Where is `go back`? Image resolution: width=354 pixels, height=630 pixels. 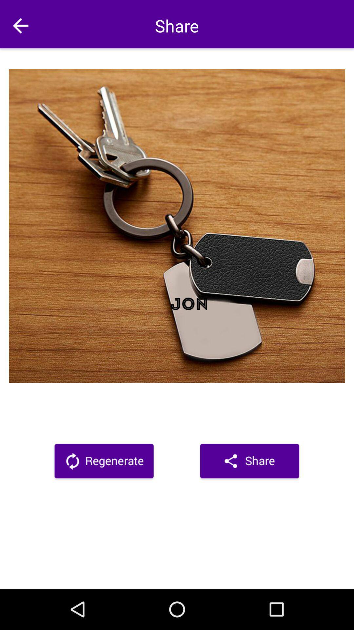
go back is located at coordinates (20, 26).